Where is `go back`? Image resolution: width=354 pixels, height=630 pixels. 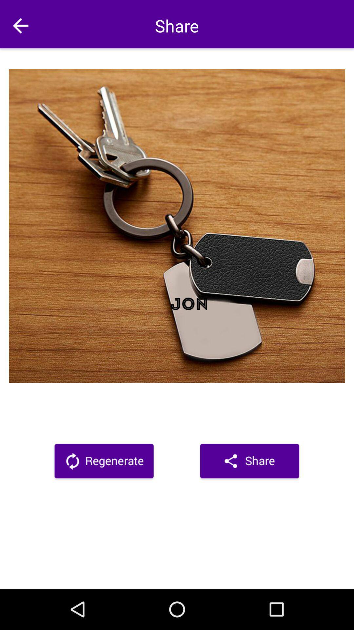
go back is located at coordinates (20, 26).